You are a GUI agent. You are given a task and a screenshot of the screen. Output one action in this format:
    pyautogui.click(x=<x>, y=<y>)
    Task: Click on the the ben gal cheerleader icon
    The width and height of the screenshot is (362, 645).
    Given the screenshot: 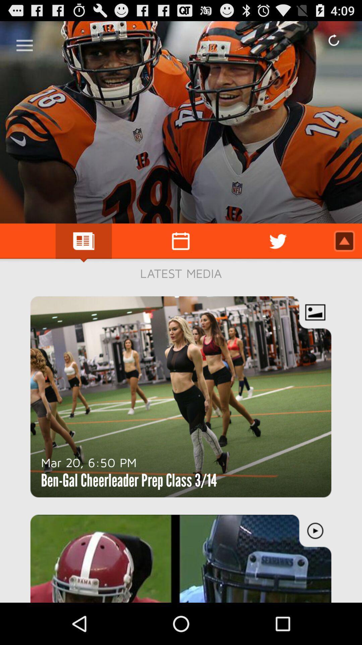 What is the action you would take?
    pyautogui.click(x=129, y=480)
    